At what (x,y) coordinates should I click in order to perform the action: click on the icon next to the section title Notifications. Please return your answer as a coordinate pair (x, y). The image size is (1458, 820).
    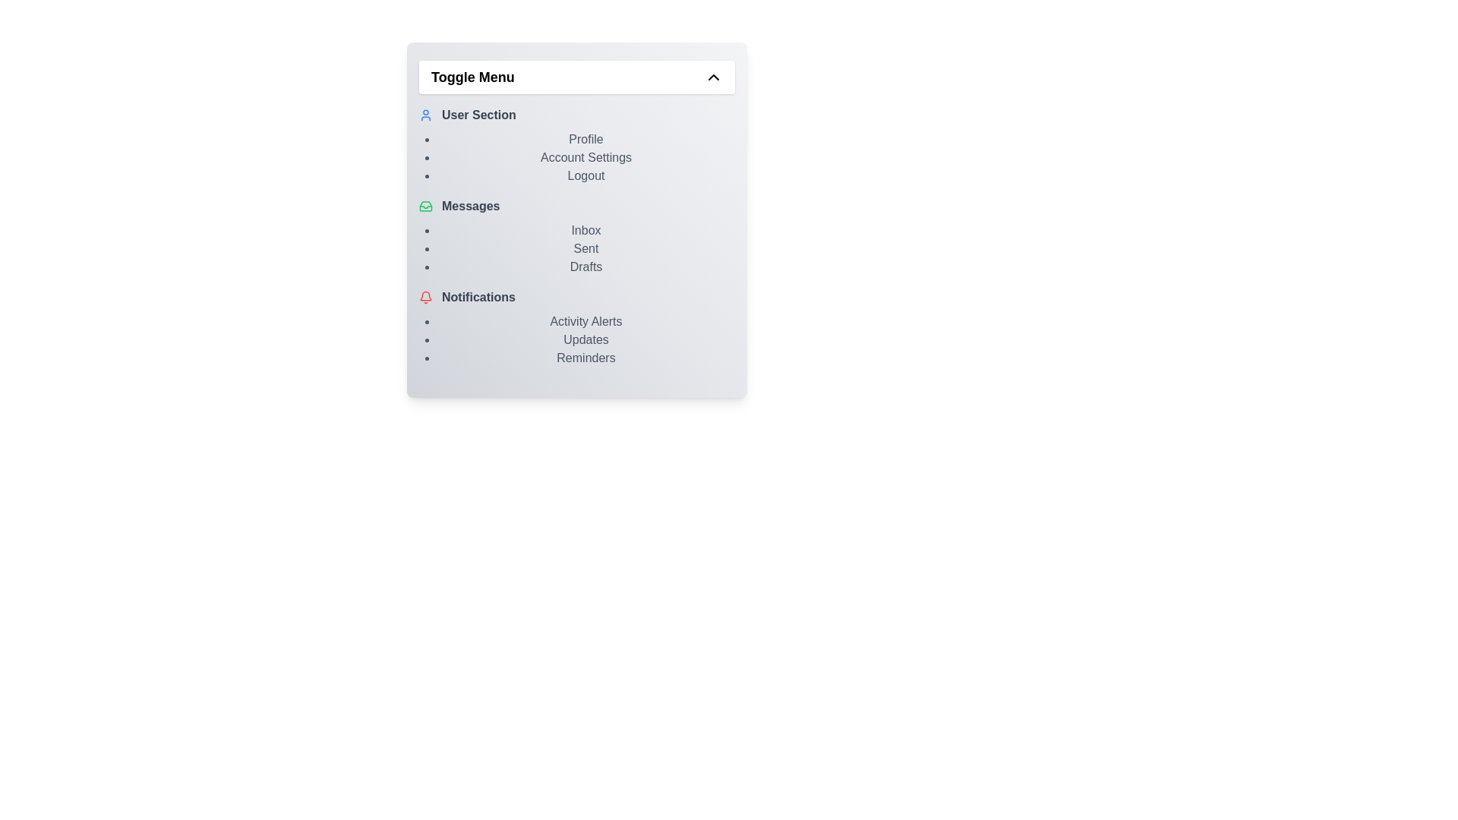
    Looking at the image, I should click on (425, 298).